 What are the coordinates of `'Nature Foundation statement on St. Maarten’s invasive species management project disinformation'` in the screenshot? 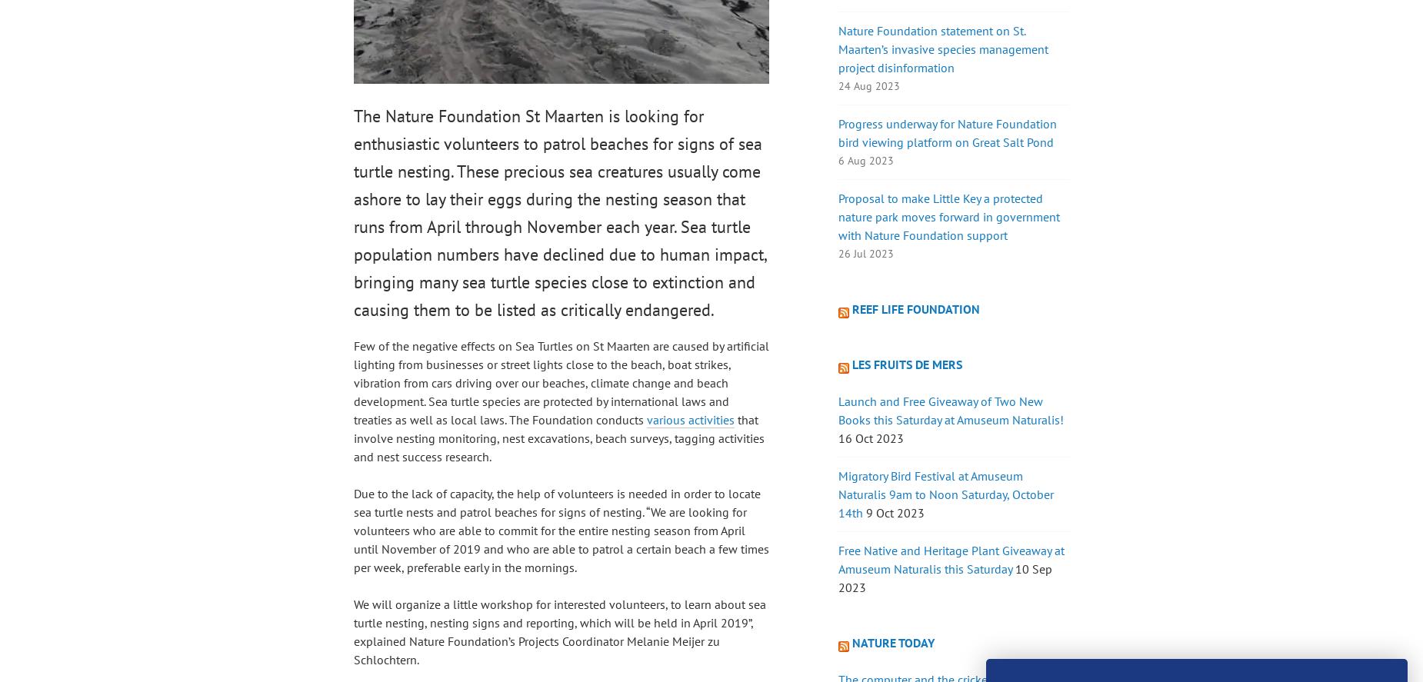 It's located at (942, 48).